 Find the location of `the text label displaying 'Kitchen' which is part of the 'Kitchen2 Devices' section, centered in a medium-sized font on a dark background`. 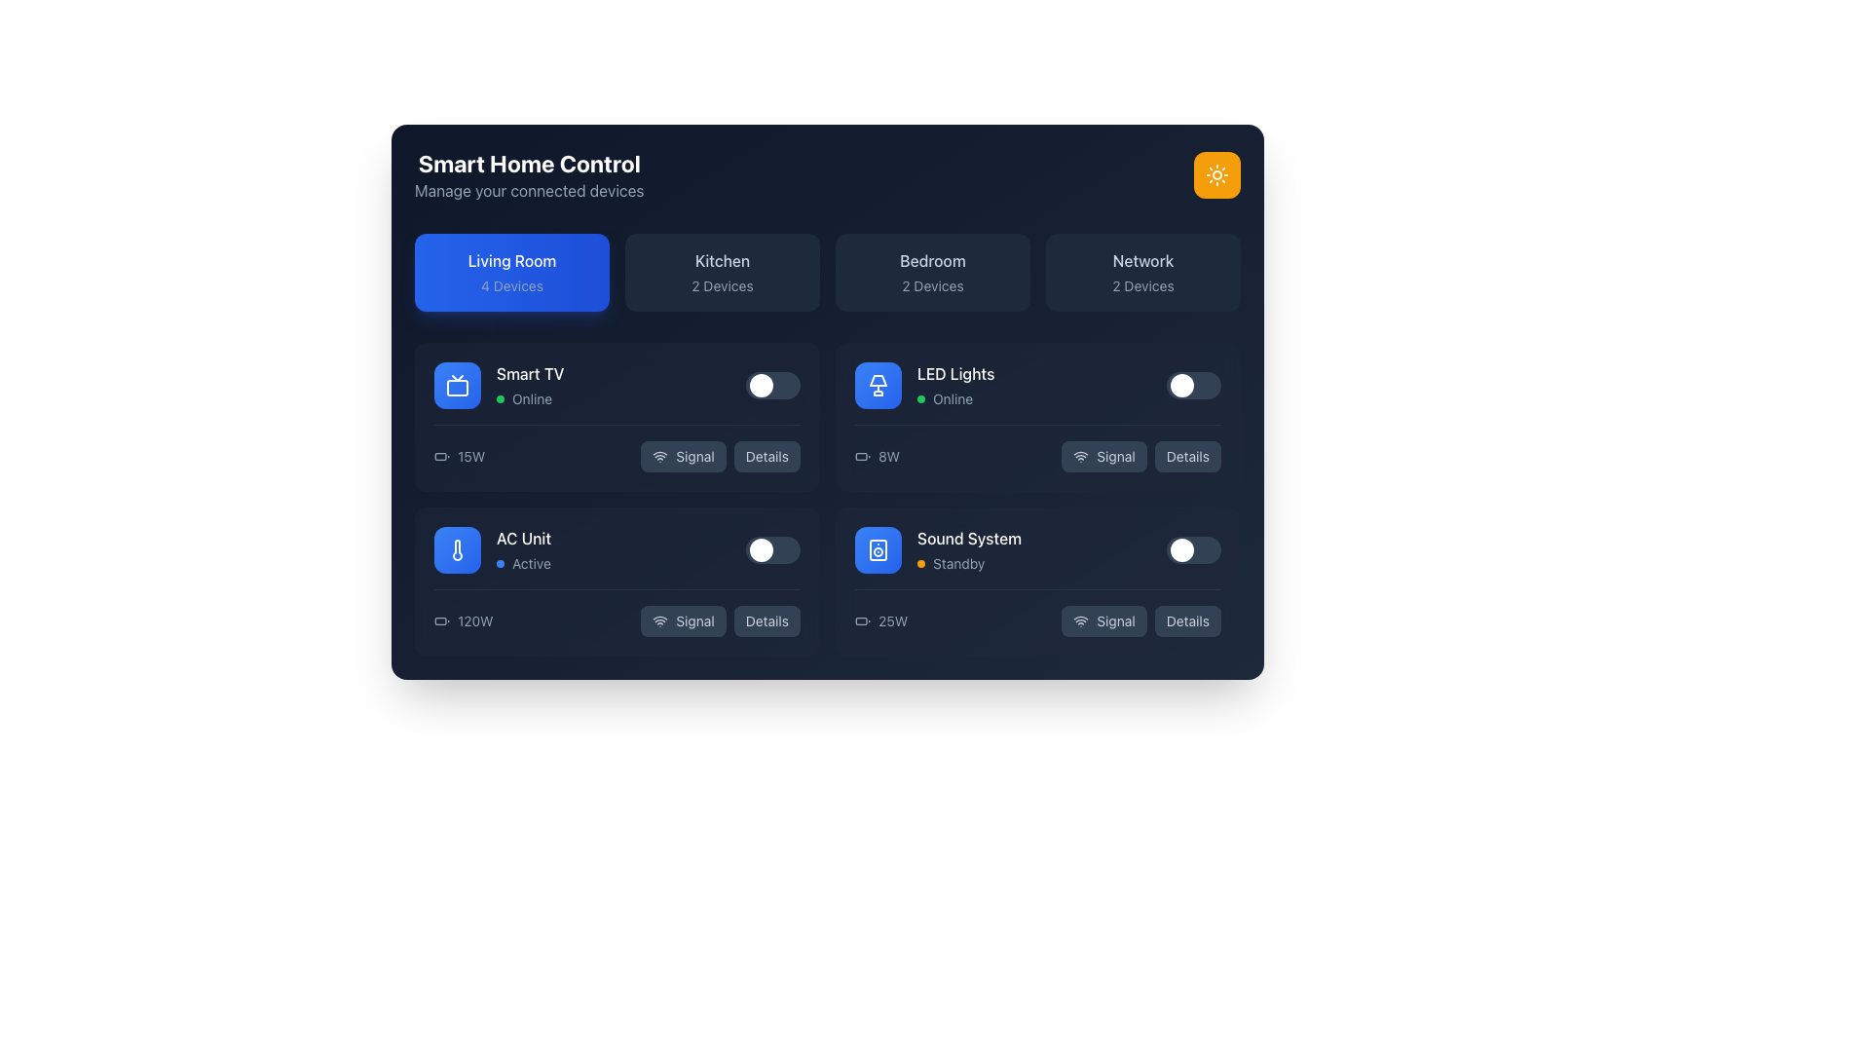

the text label displaying 'Kitchen' which is part of the 'Kitchen2 Devices' section, centered in a medium-sized font on a dark background is located at coordinates (722, 259).